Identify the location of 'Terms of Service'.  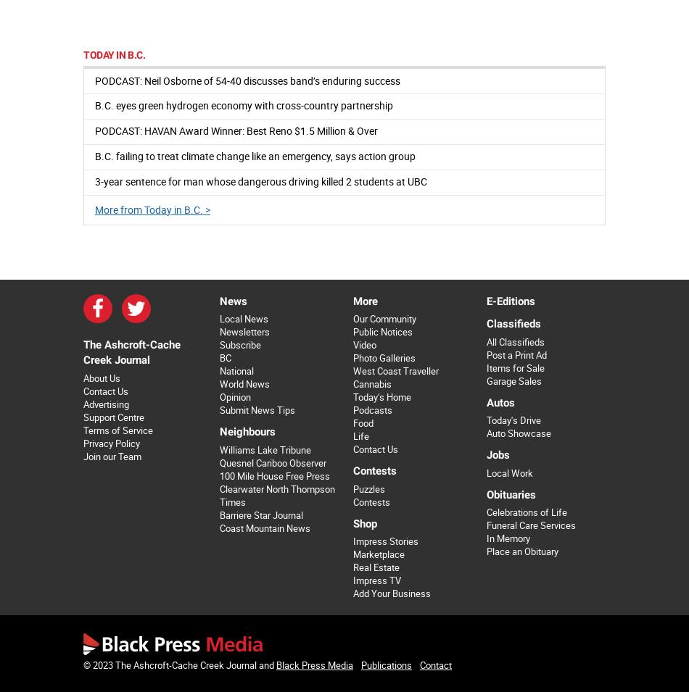
(118, 430).